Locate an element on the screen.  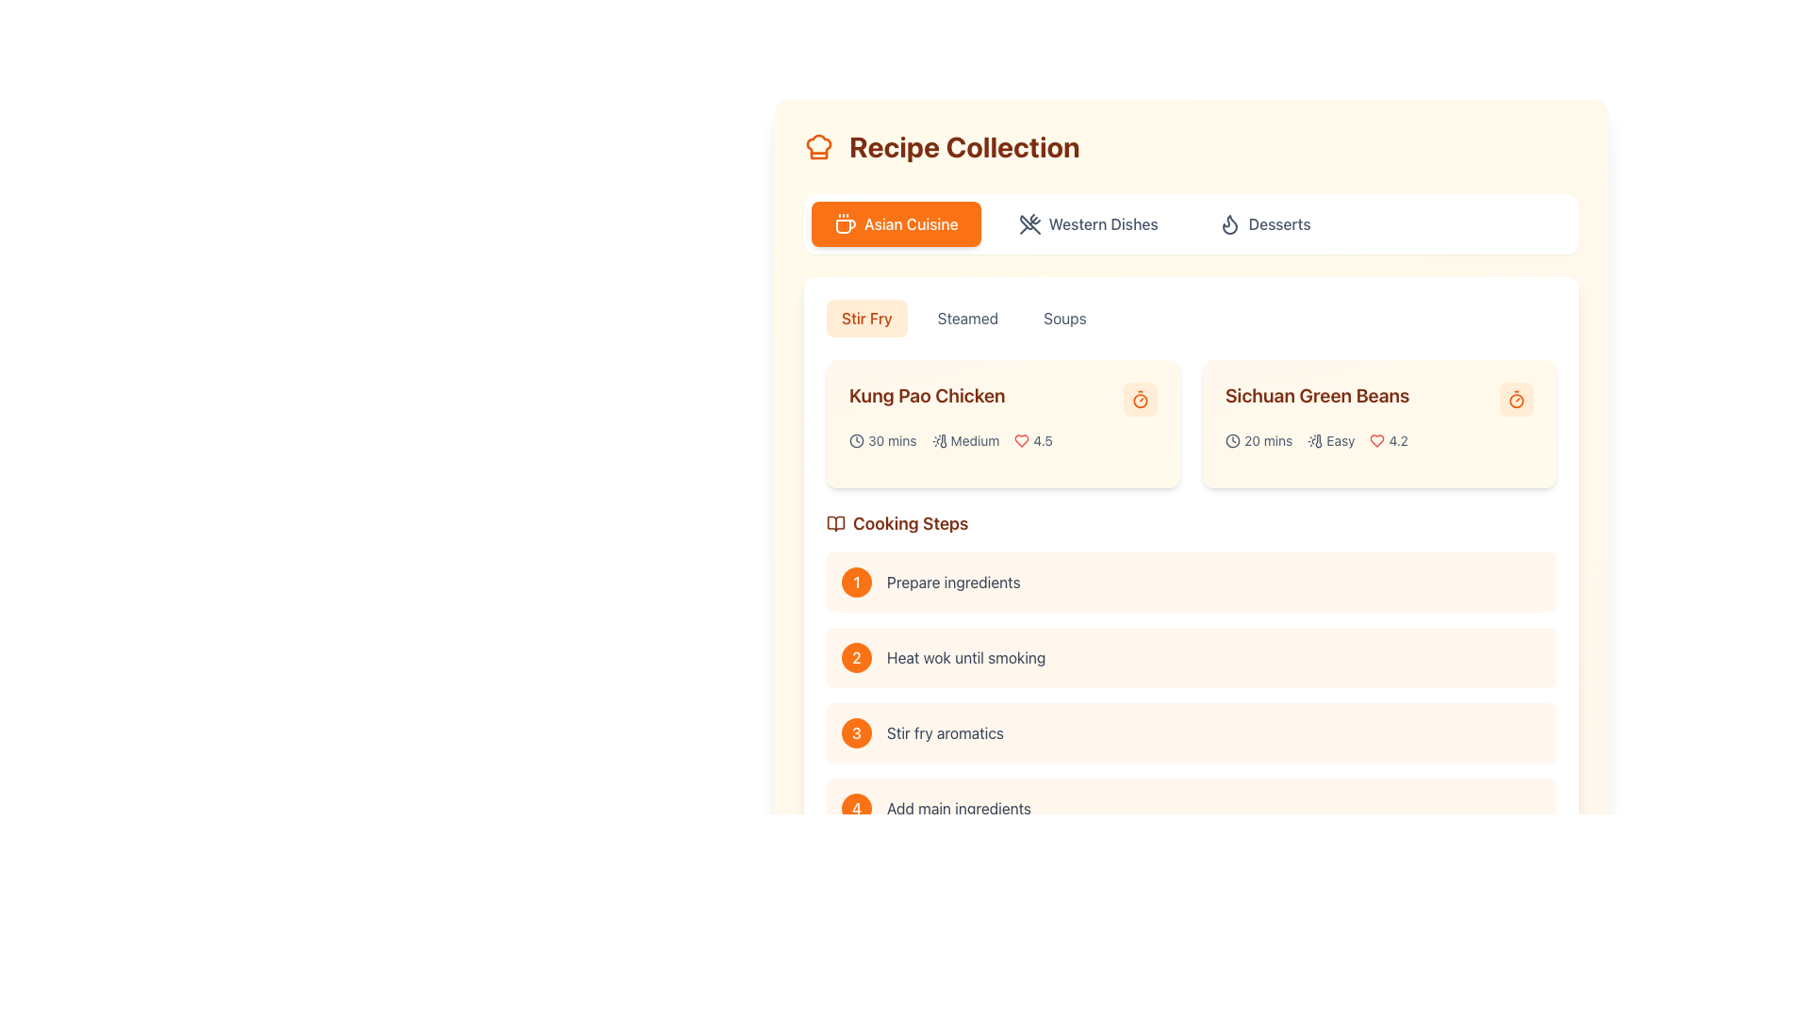
the rating element that combines a heart icon with a numerical score, located at the bottom right corner of the 'Kung Pao Chicken' information card is located at coordinates (1032, 440).